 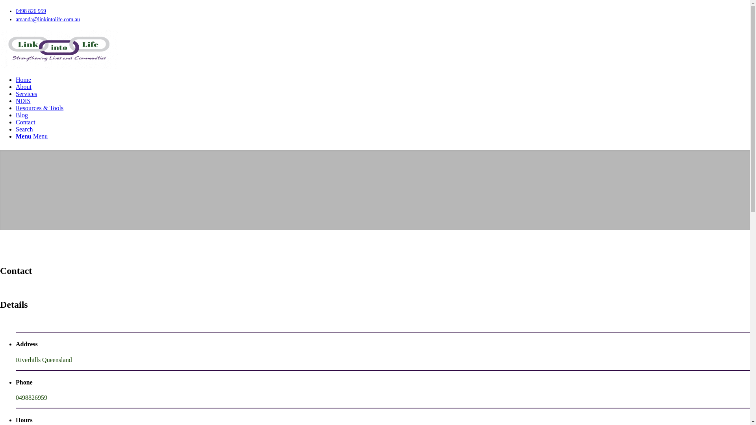 What do you see at coordinates (26, 93) in the screenshot?
I see `'Services'` at bounding box center [26, 93].